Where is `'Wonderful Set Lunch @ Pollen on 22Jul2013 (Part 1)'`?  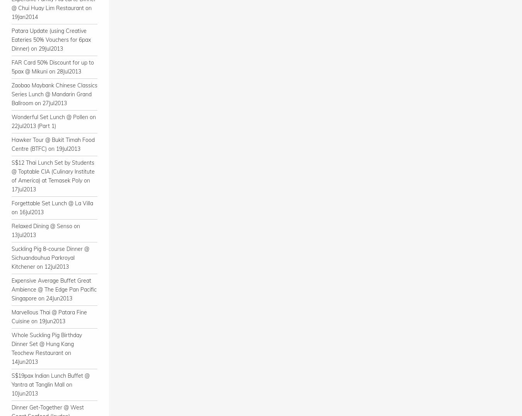
'Wonderful Set Lunch @ Pollen on 22Jul2013 (Part 1)' is located at coordinates (54, 121).